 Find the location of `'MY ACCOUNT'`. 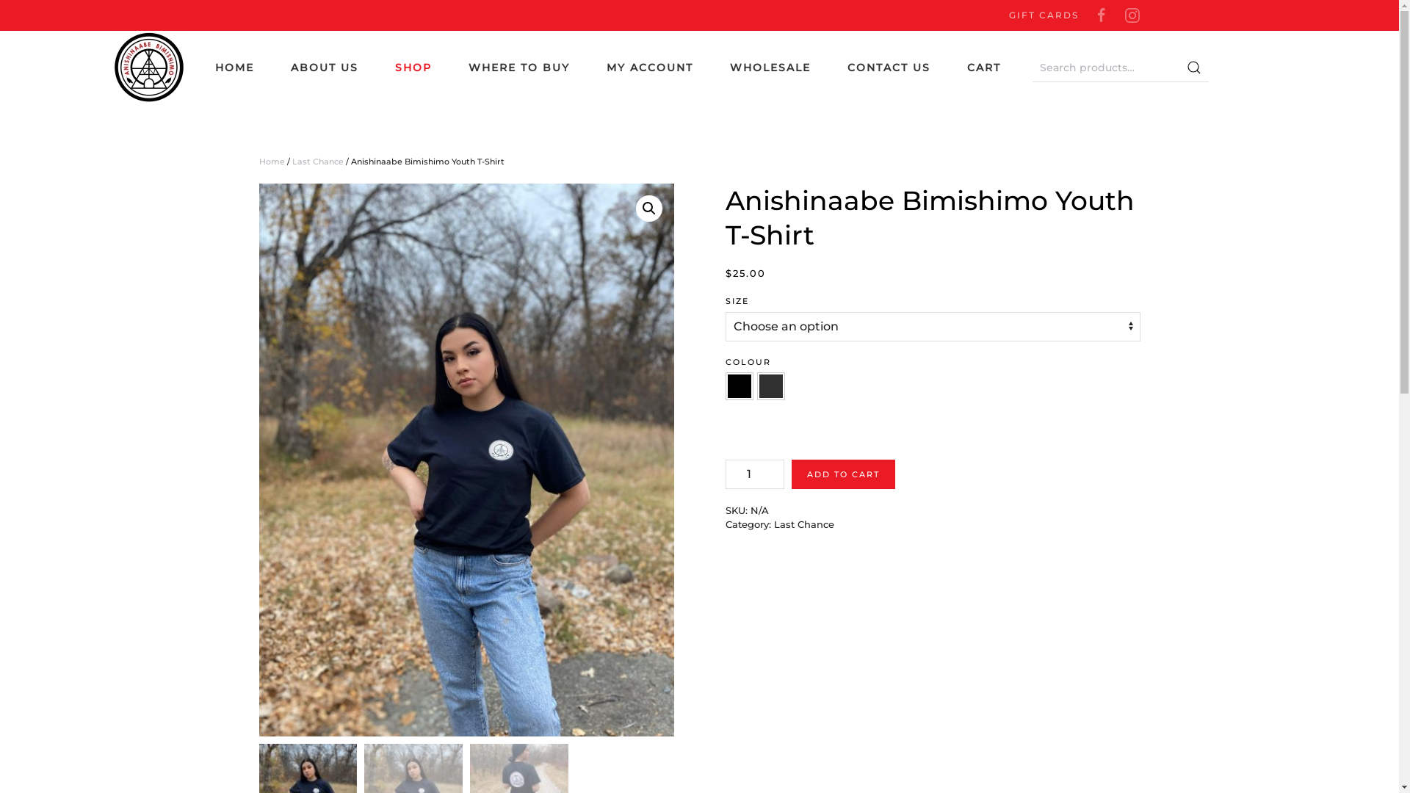

'MY ACCOUNT' is located at coordinates (648, 68).